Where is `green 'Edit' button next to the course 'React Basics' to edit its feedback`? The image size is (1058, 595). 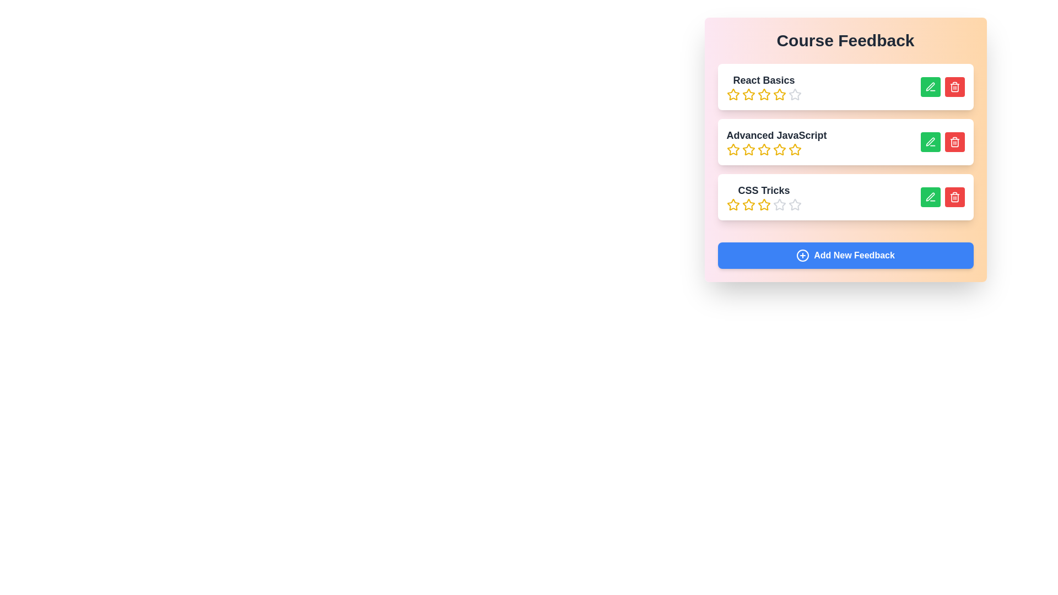 green 'Edit' button next to the course 'React Basics' to edit its feedback is located at coordinates (930, 86).